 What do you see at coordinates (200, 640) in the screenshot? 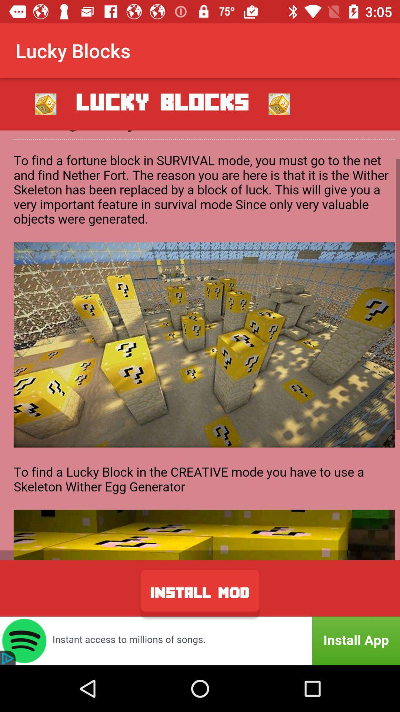
I see `advertisement` at bounding box center [200, 640].